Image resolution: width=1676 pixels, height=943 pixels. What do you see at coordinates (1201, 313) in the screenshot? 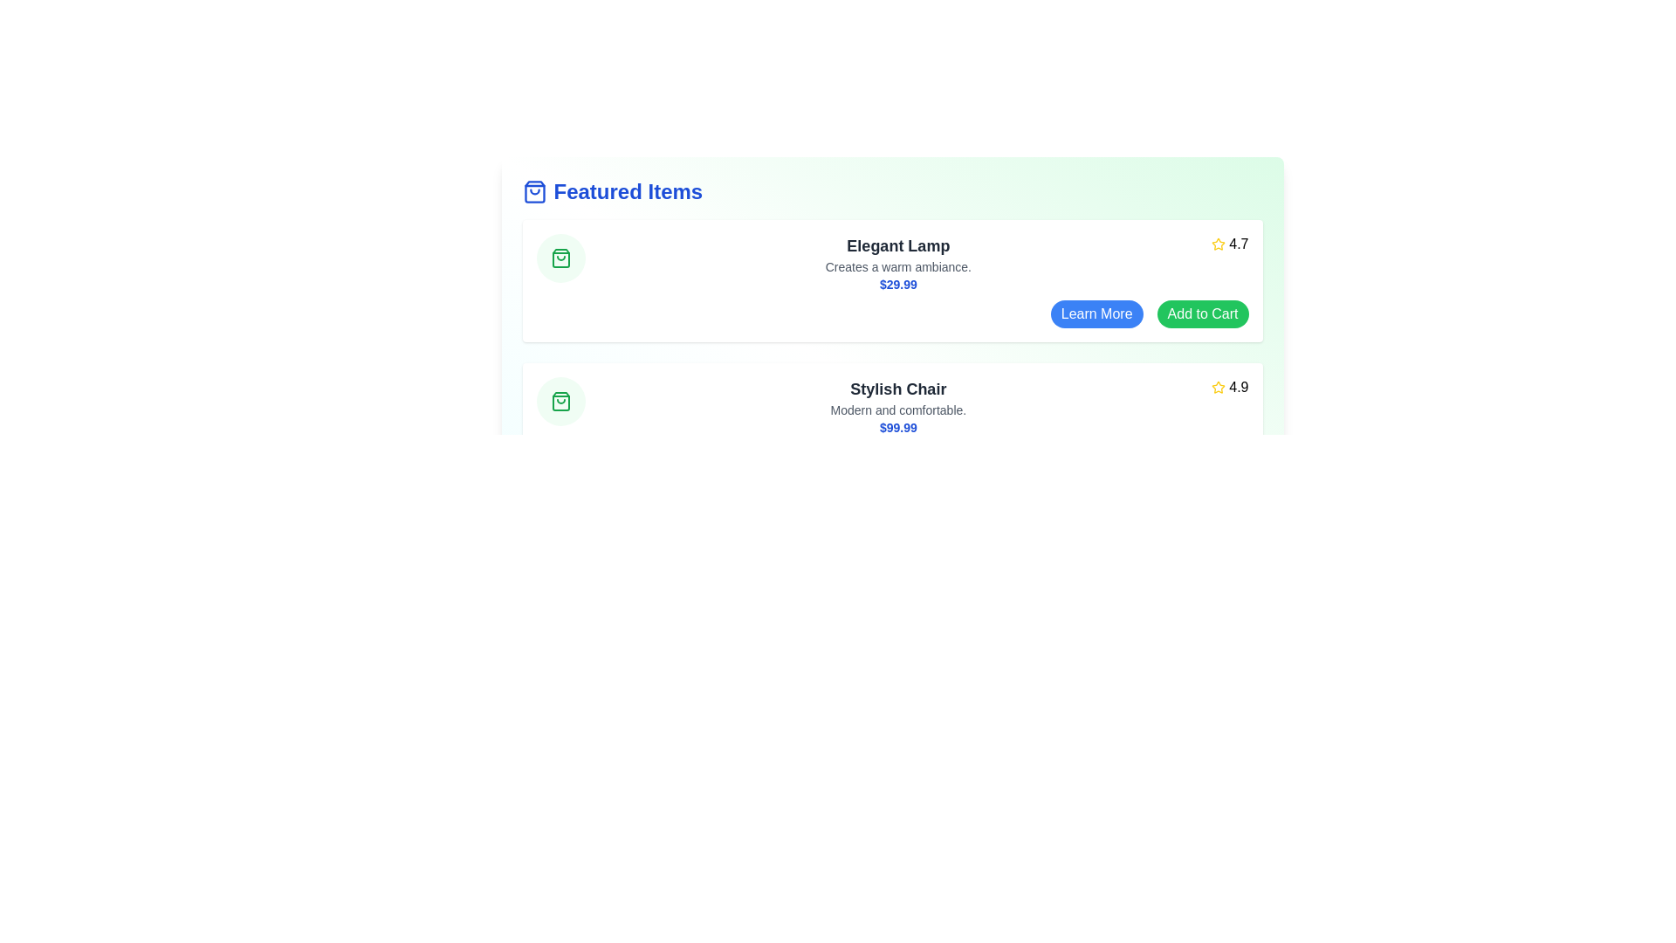
I see `'Add to Cart' button for the item identified by Elegant Lamp` at bounding box center [1201, 313].